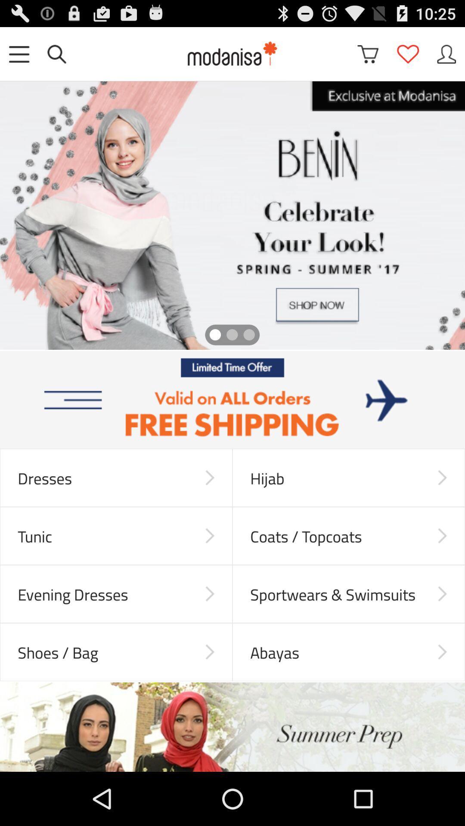 This screenshot has width=465, height=826. What do you see at coordinates (446, 53) in the screenshot?
I see `share this` at bounding box center [446, 53].